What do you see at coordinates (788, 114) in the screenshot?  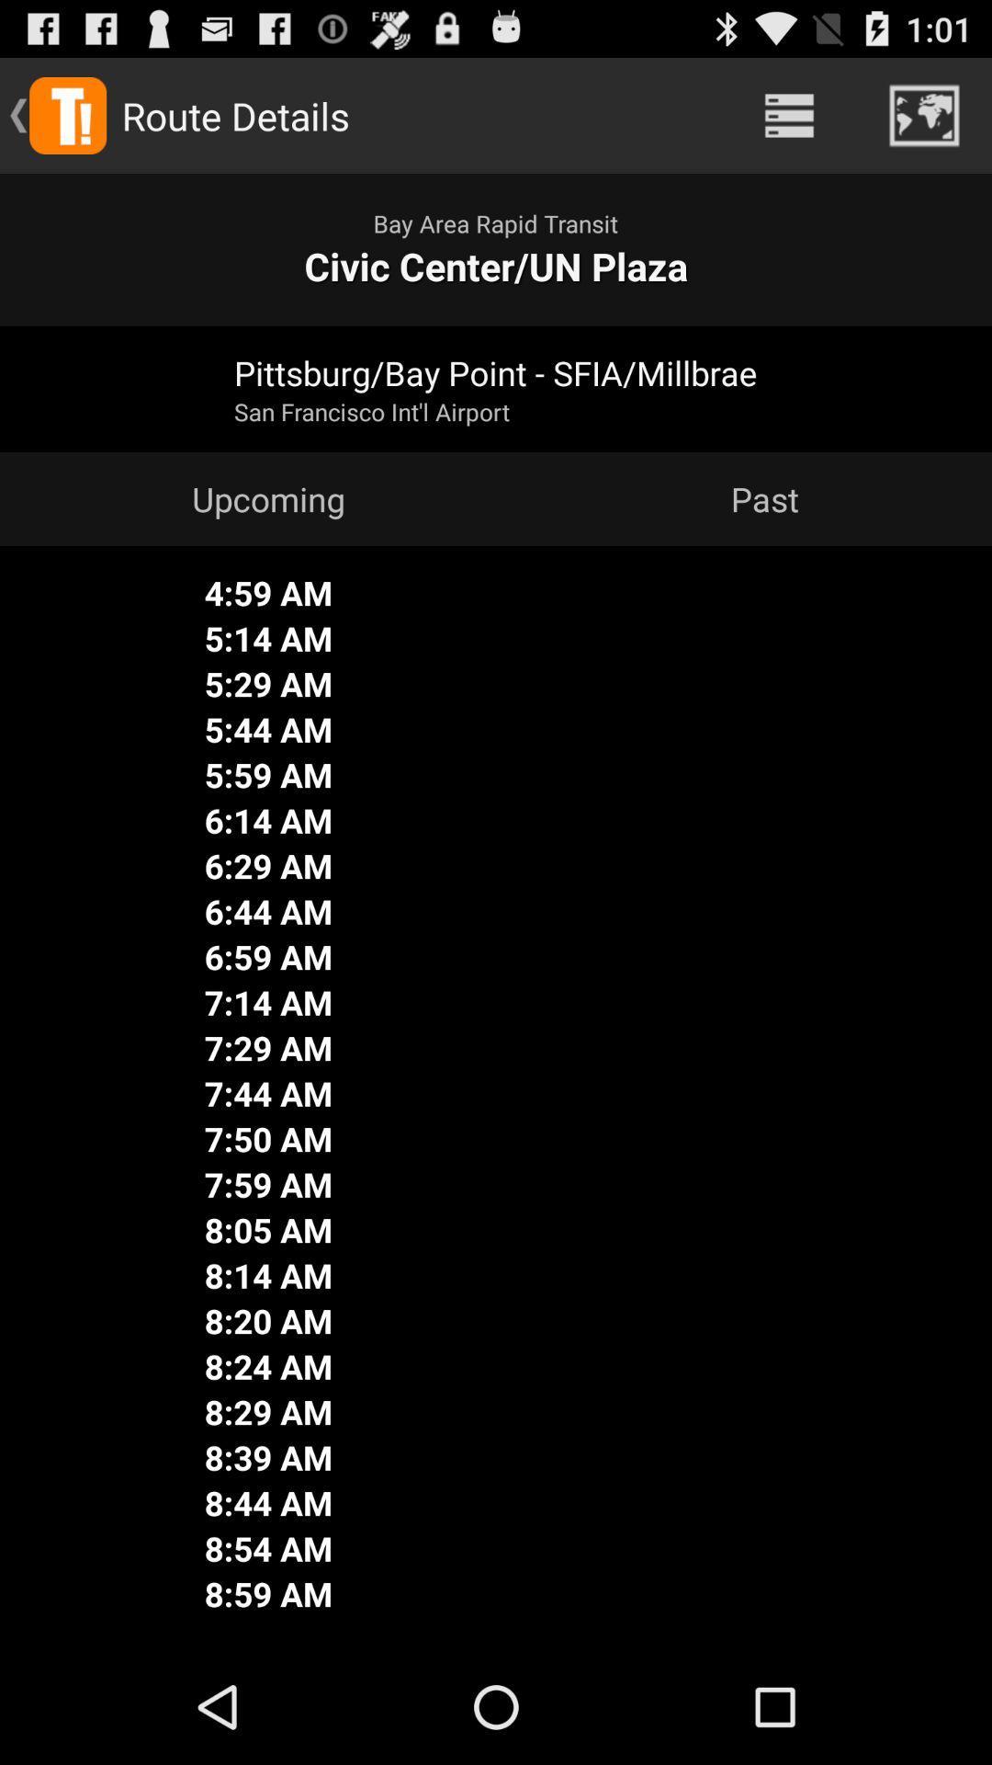 I see `the icon above the civic center un icon` at bounding box center [788, 114].